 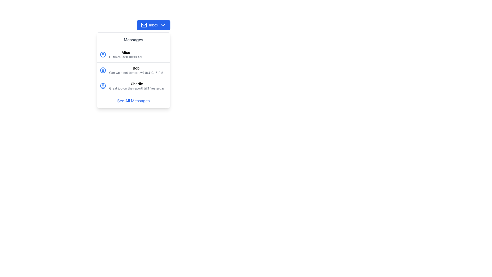 What do you see at coordinates (134, 54) in the screenshot?
I see `the first list item in the chat interface featuring a blue circular user icon, sender name 'Alice', message preview 'Hi there!', and timestamp '10:30 AM'` at bounding box center [134, 54].